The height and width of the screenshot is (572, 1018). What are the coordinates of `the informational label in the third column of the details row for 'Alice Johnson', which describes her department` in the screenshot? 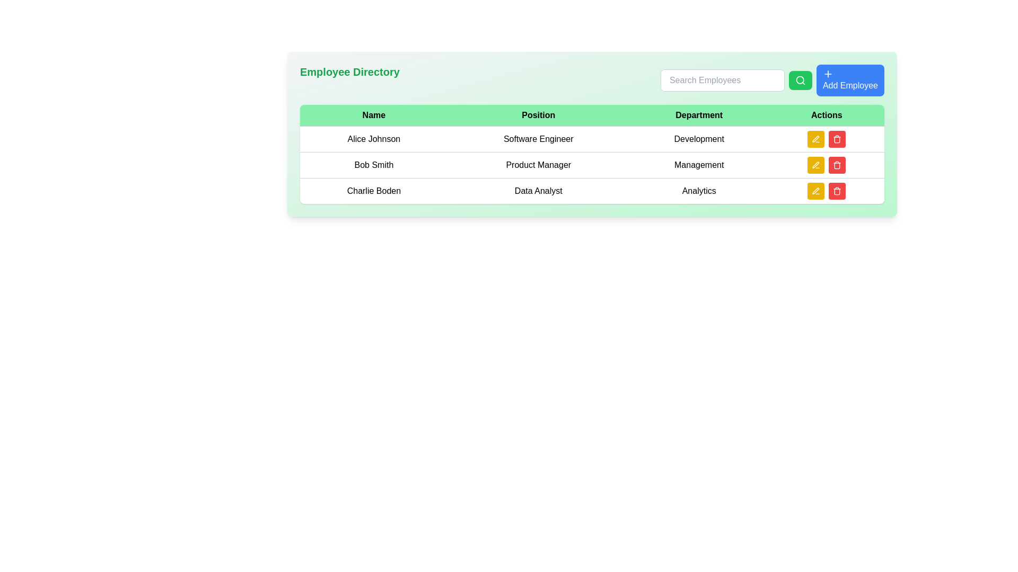 It's located at (699, 138).